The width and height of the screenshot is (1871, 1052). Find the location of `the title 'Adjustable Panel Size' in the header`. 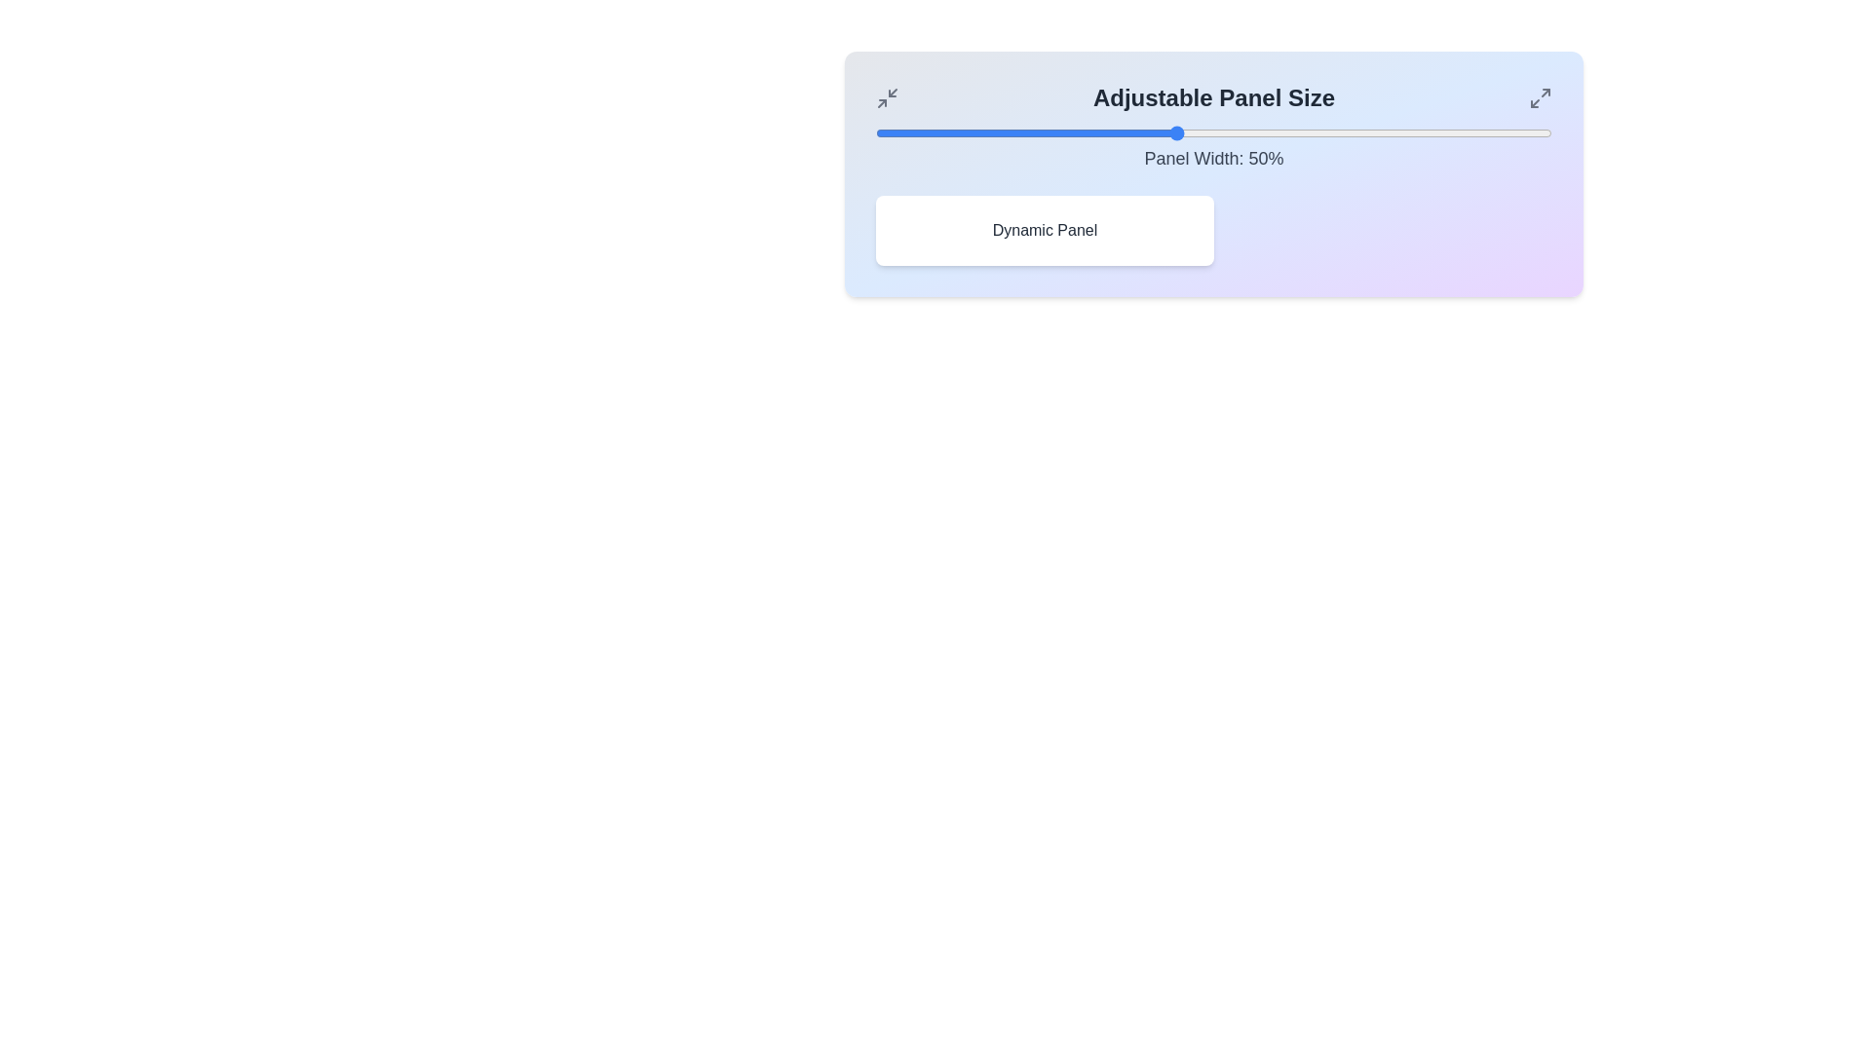

the title 'Adjustable Panel Size' in the header is located at coordinates (1213, 97).